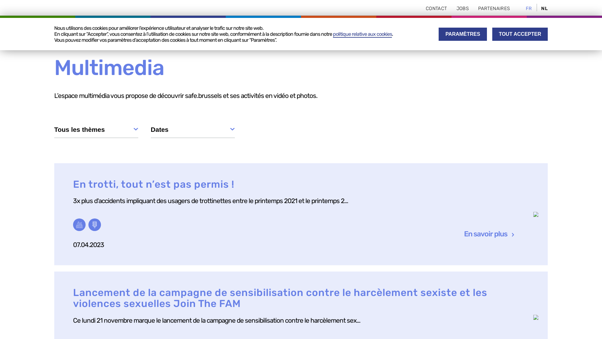 The width and height of the screenshot is (602, 339). Describe the element at coordinates (525, 8) in the screenshot. I see `'FR'` at that location.